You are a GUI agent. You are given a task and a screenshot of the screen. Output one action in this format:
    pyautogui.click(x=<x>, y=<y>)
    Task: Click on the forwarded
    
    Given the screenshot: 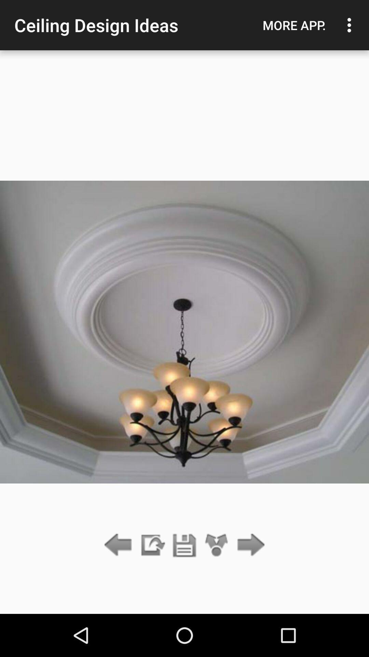 What is the action you would take?
    pyautogui.click(x=249, y=545)
    